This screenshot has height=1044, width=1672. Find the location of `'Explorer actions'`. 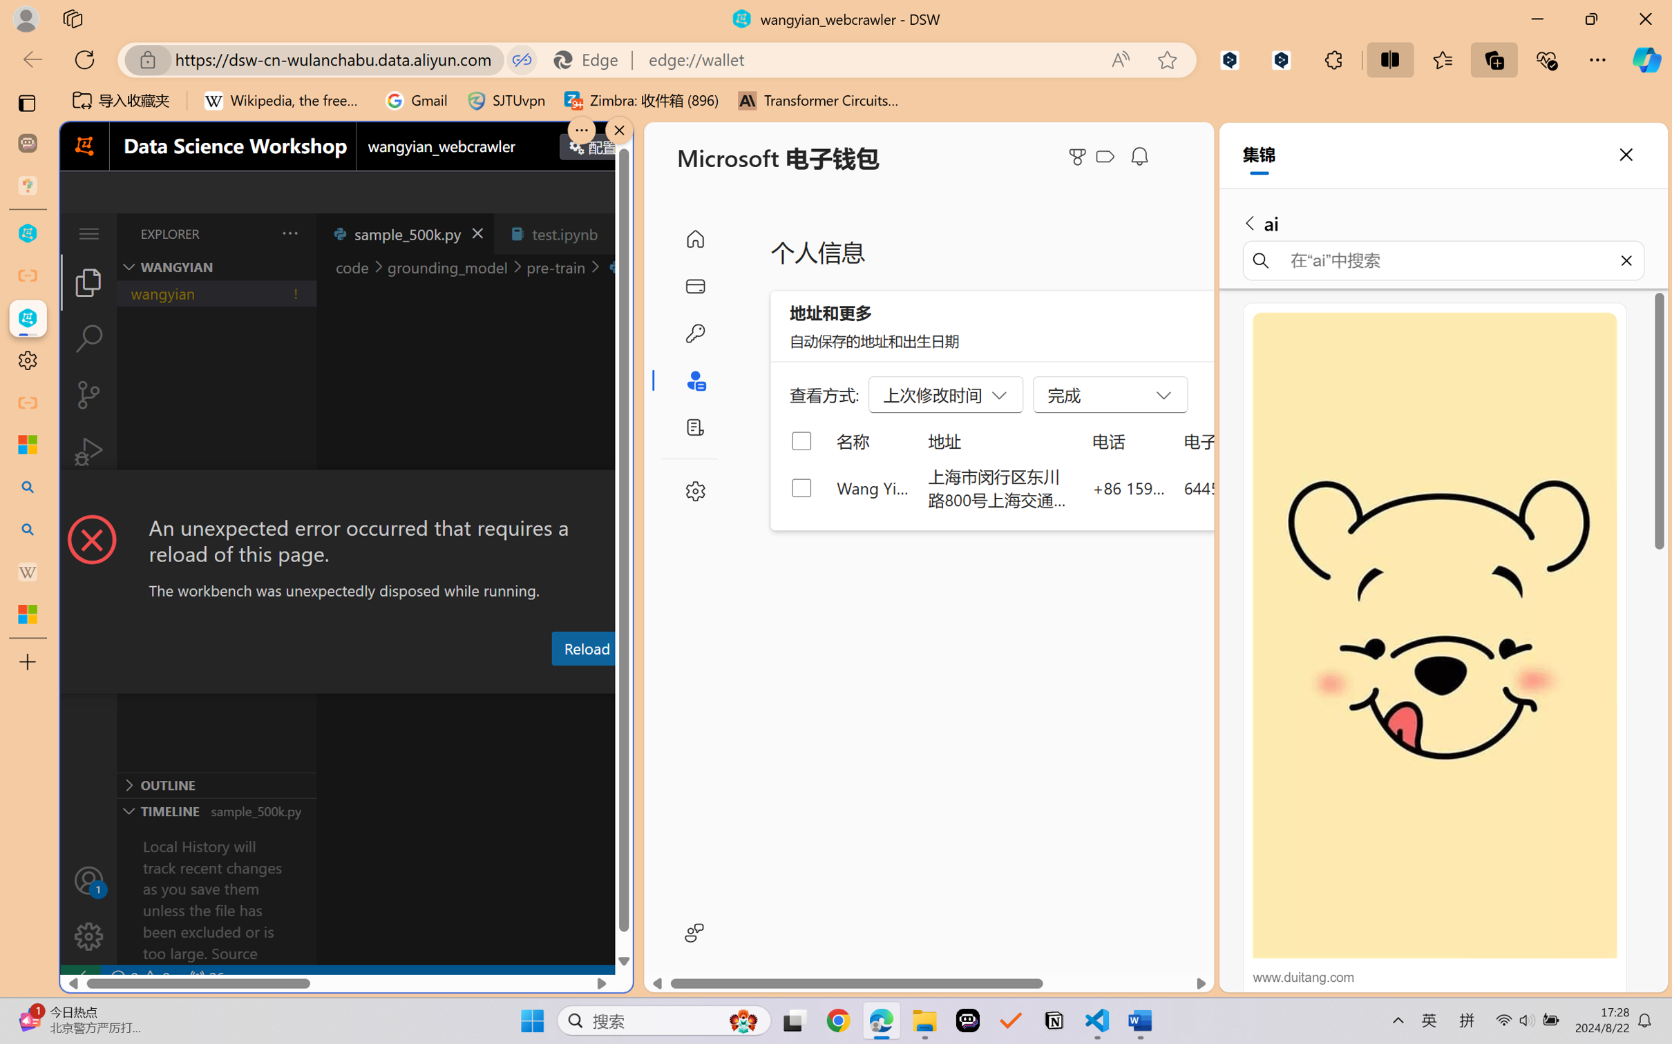

'Explorer actions' is located at coordinates (255, 233).